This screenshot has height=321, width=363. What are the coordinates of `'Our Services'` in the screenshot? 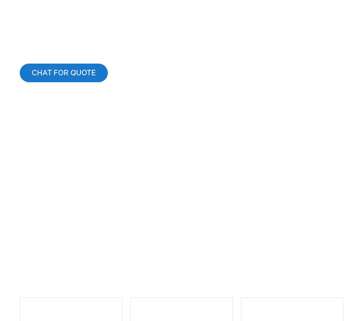 It's located at (19, 234).